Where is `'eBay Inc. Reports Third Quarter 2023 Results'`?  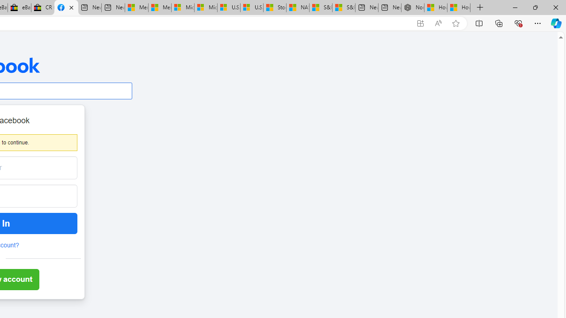 'eBay Inc. Reports Third Quarter 2023 Results' is located at coordinates (19, 8).